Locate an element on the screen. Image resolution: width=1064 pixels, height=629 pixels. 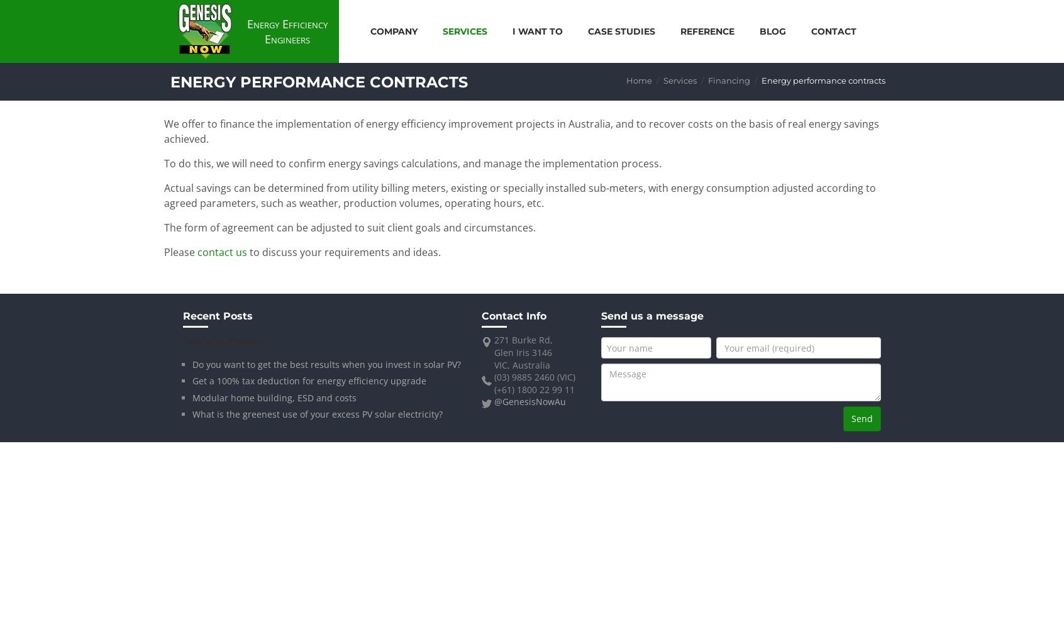
'Power meter' is located at coordinates (712, 362).